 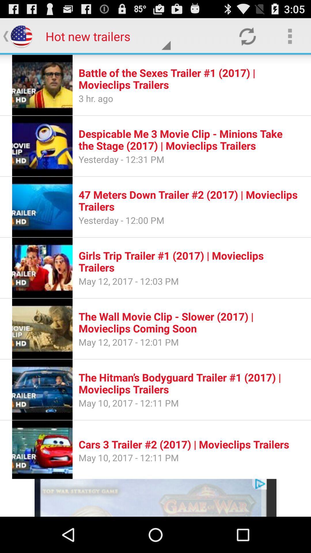 I want to click on advertise an app, so click(x=155, y=497).